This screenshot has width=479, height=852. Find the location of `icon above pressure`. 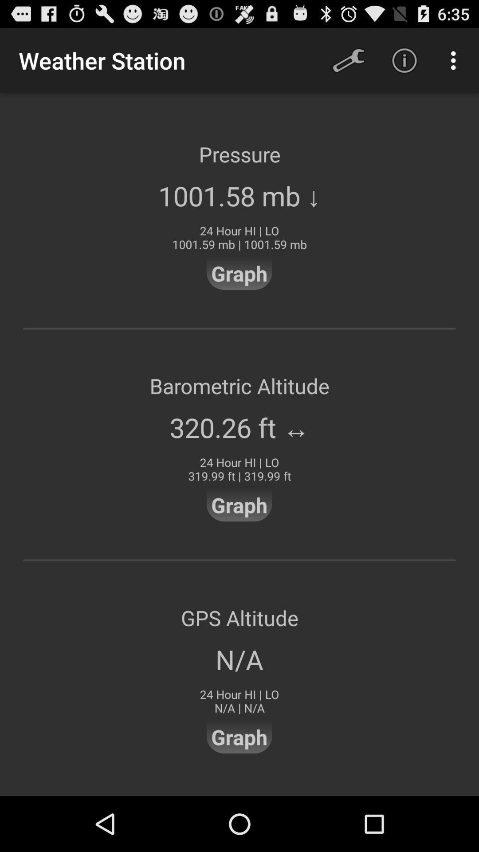

icon above pressure is located at coordinates (348, 60).